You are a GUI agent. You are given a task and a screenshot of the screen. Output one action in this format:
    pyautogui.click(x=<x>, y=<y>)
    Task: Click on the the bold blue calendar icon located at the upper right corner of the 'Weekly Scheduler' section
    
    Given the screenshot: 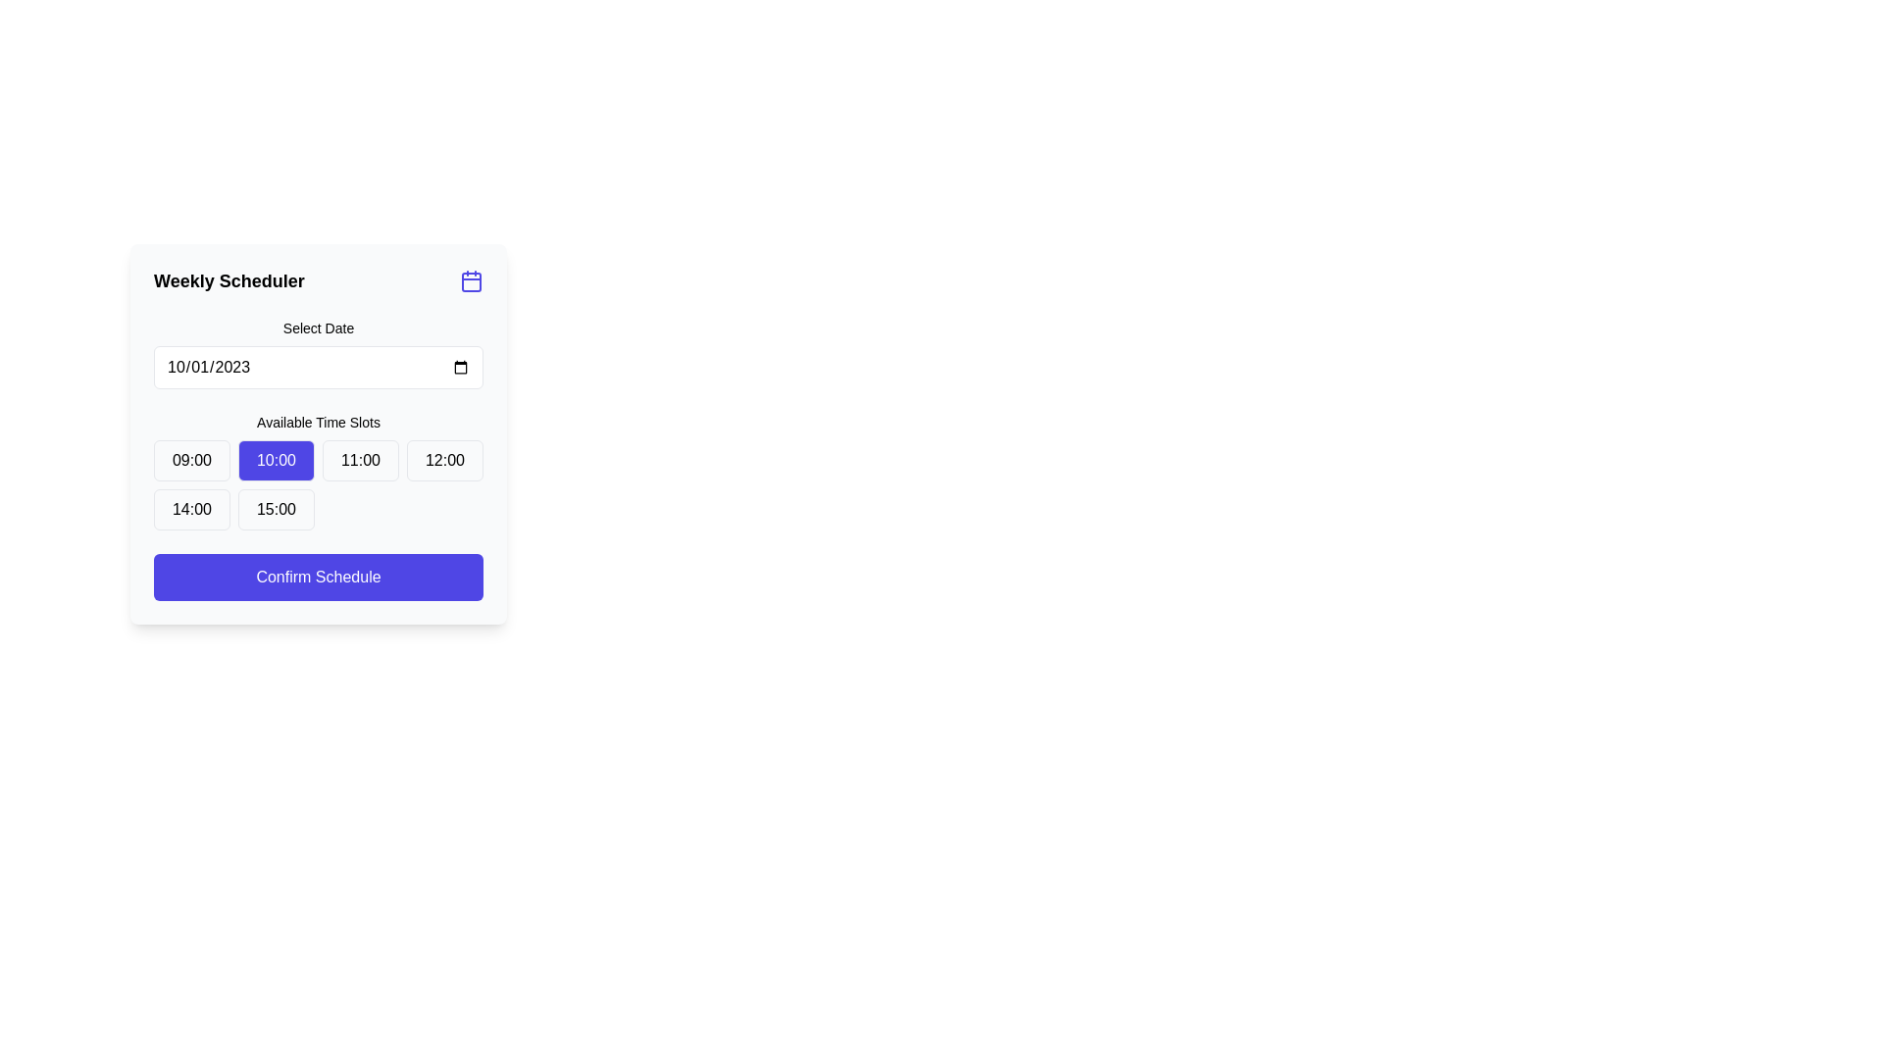 What is the action you would take?
    pyautogui.click(x=471, y=280)
    